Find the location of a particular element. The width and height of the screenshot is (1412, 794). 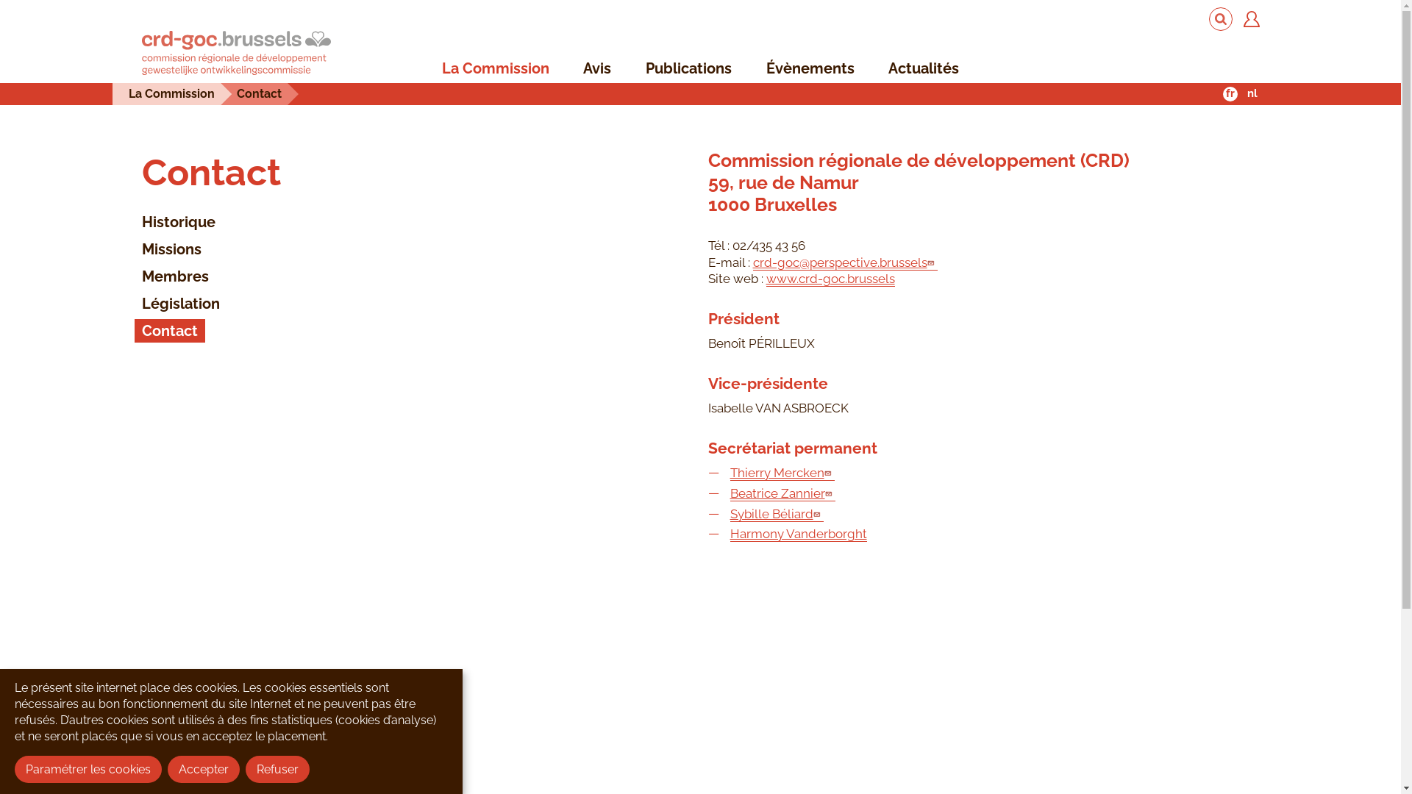

'Avis' is located at coordinates (596, 68).